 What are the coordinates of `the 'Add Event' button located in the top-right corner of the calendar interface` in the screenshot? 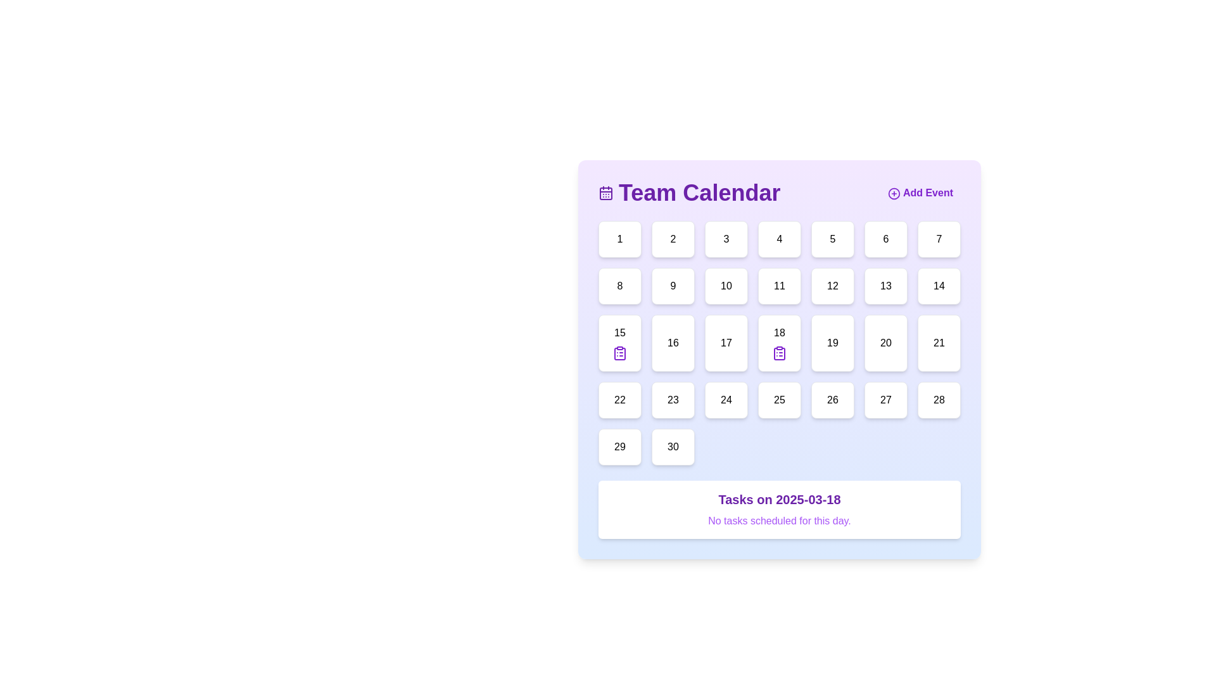 It's located at (920, 193).